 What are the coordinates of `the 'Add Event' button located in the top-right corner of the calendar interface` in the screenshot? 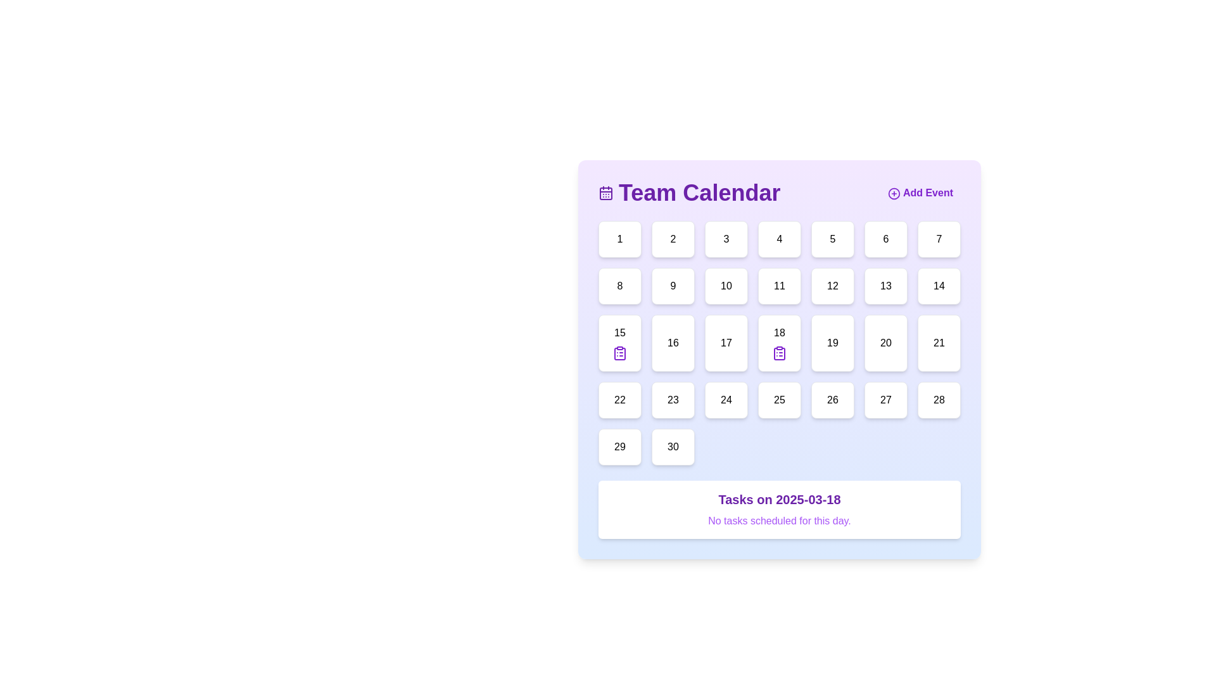 It's located at (920, 193).